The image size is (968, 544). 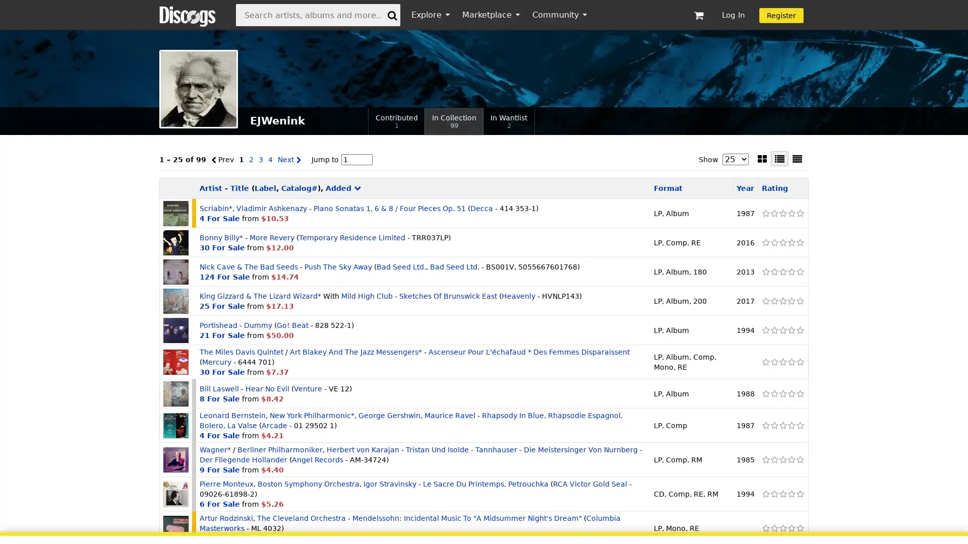 What do you see at coordinates (765, 213) in the screenshot?
I see `Rate this release 1 star.` at bounding box center [765, 213].